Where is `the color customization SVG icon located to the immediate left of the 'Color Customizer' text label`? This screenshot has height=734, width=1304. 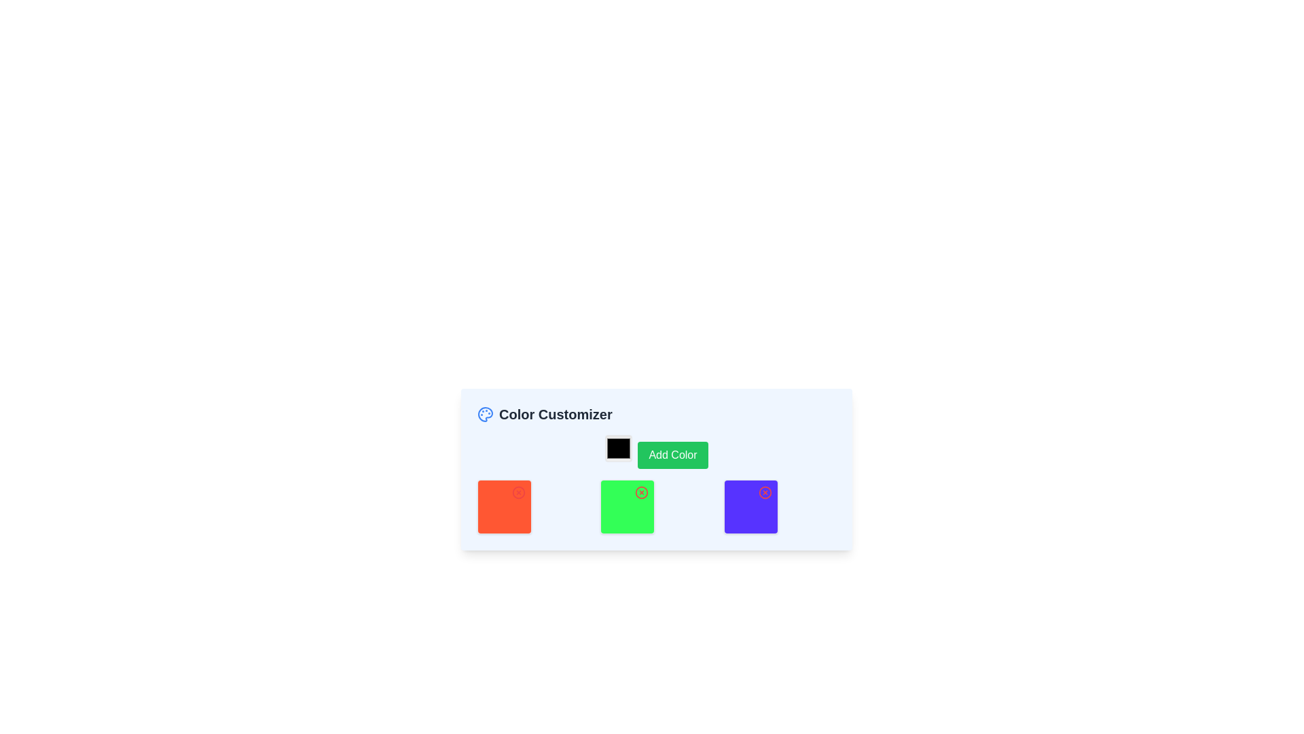 the color customization SVG icon located to the immediate left of the 'Color Customizer' text label is located at coordinates (486, 413).